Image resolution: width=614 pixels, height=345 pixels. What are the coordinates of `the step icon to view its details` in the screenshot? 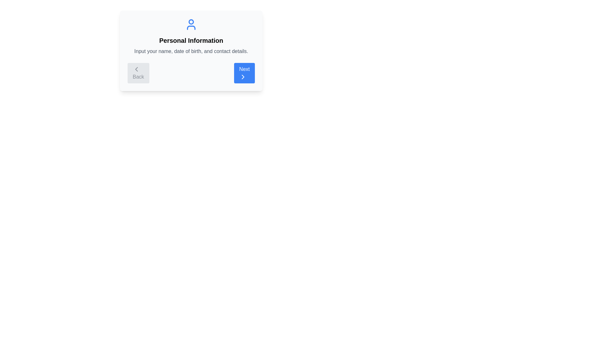 It's located at (191, 24).